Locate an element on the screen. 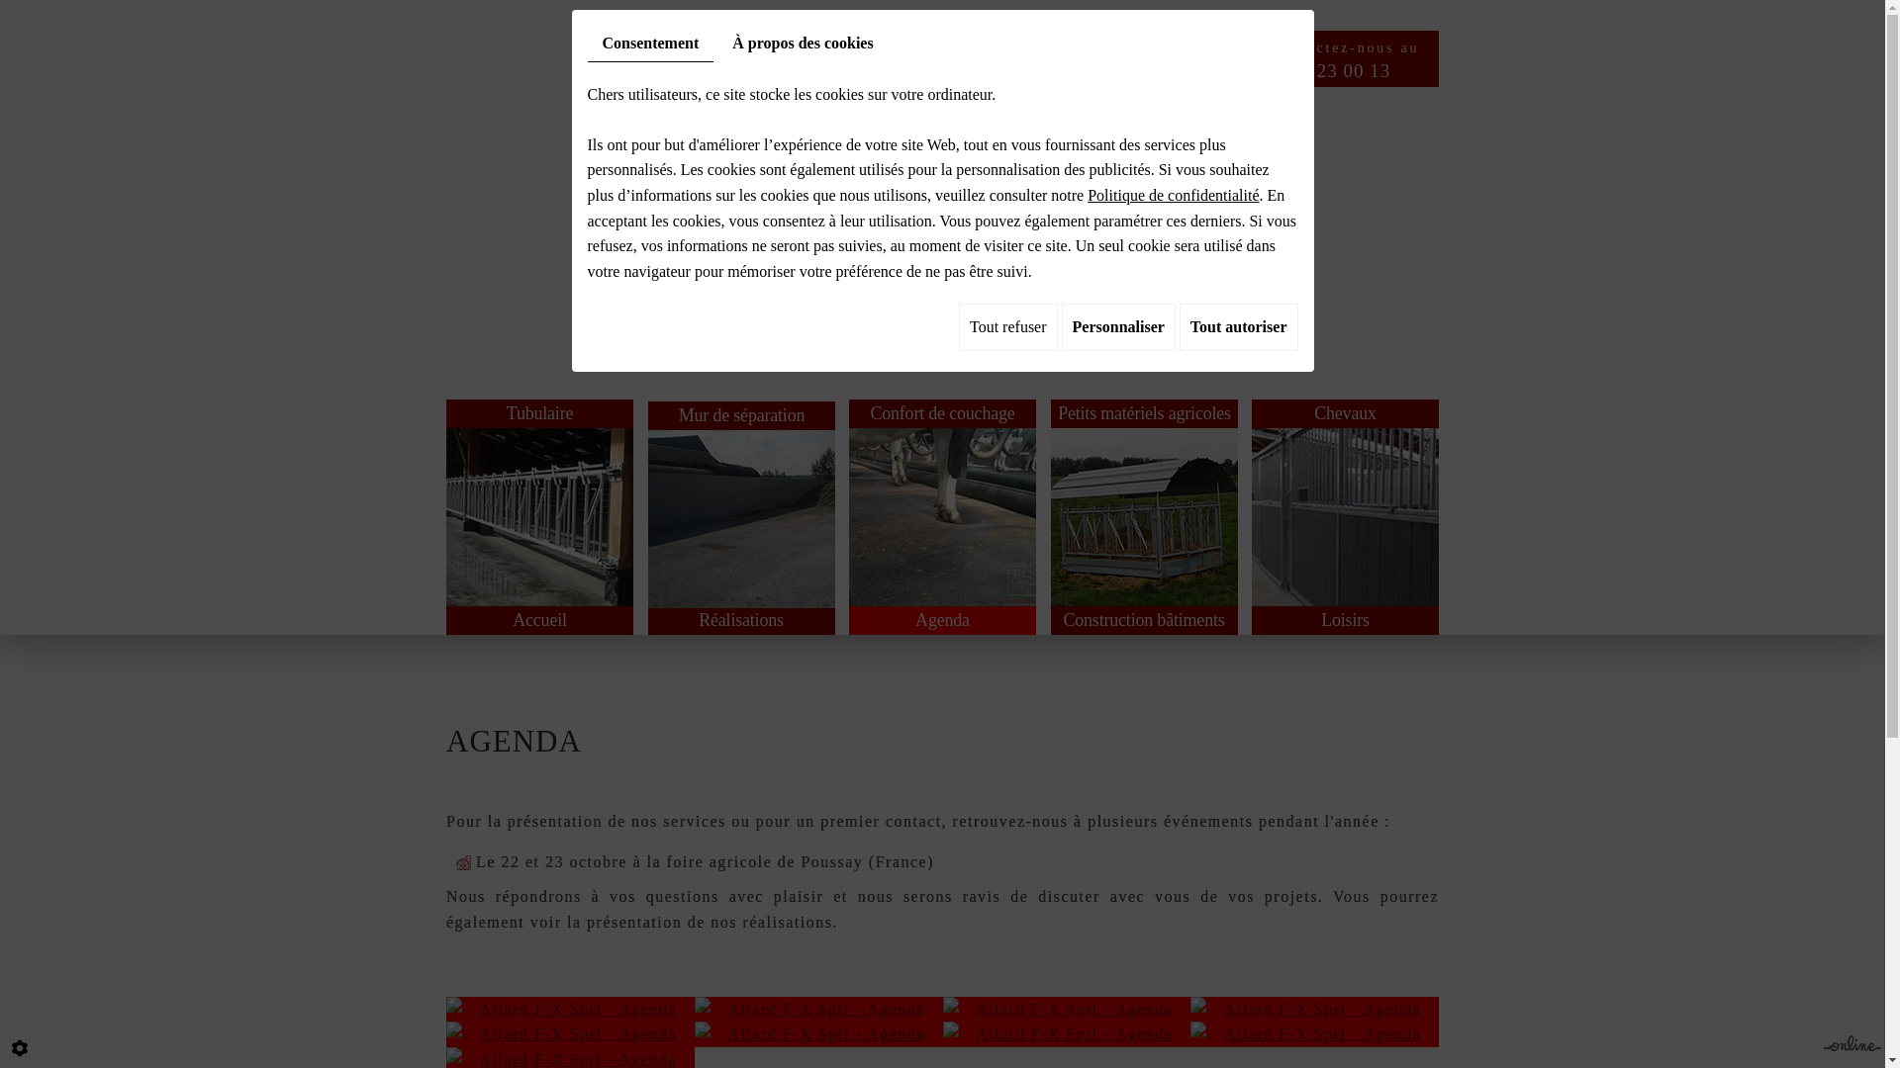  'Tout autoriser' is located at coordinates (1238, 326).